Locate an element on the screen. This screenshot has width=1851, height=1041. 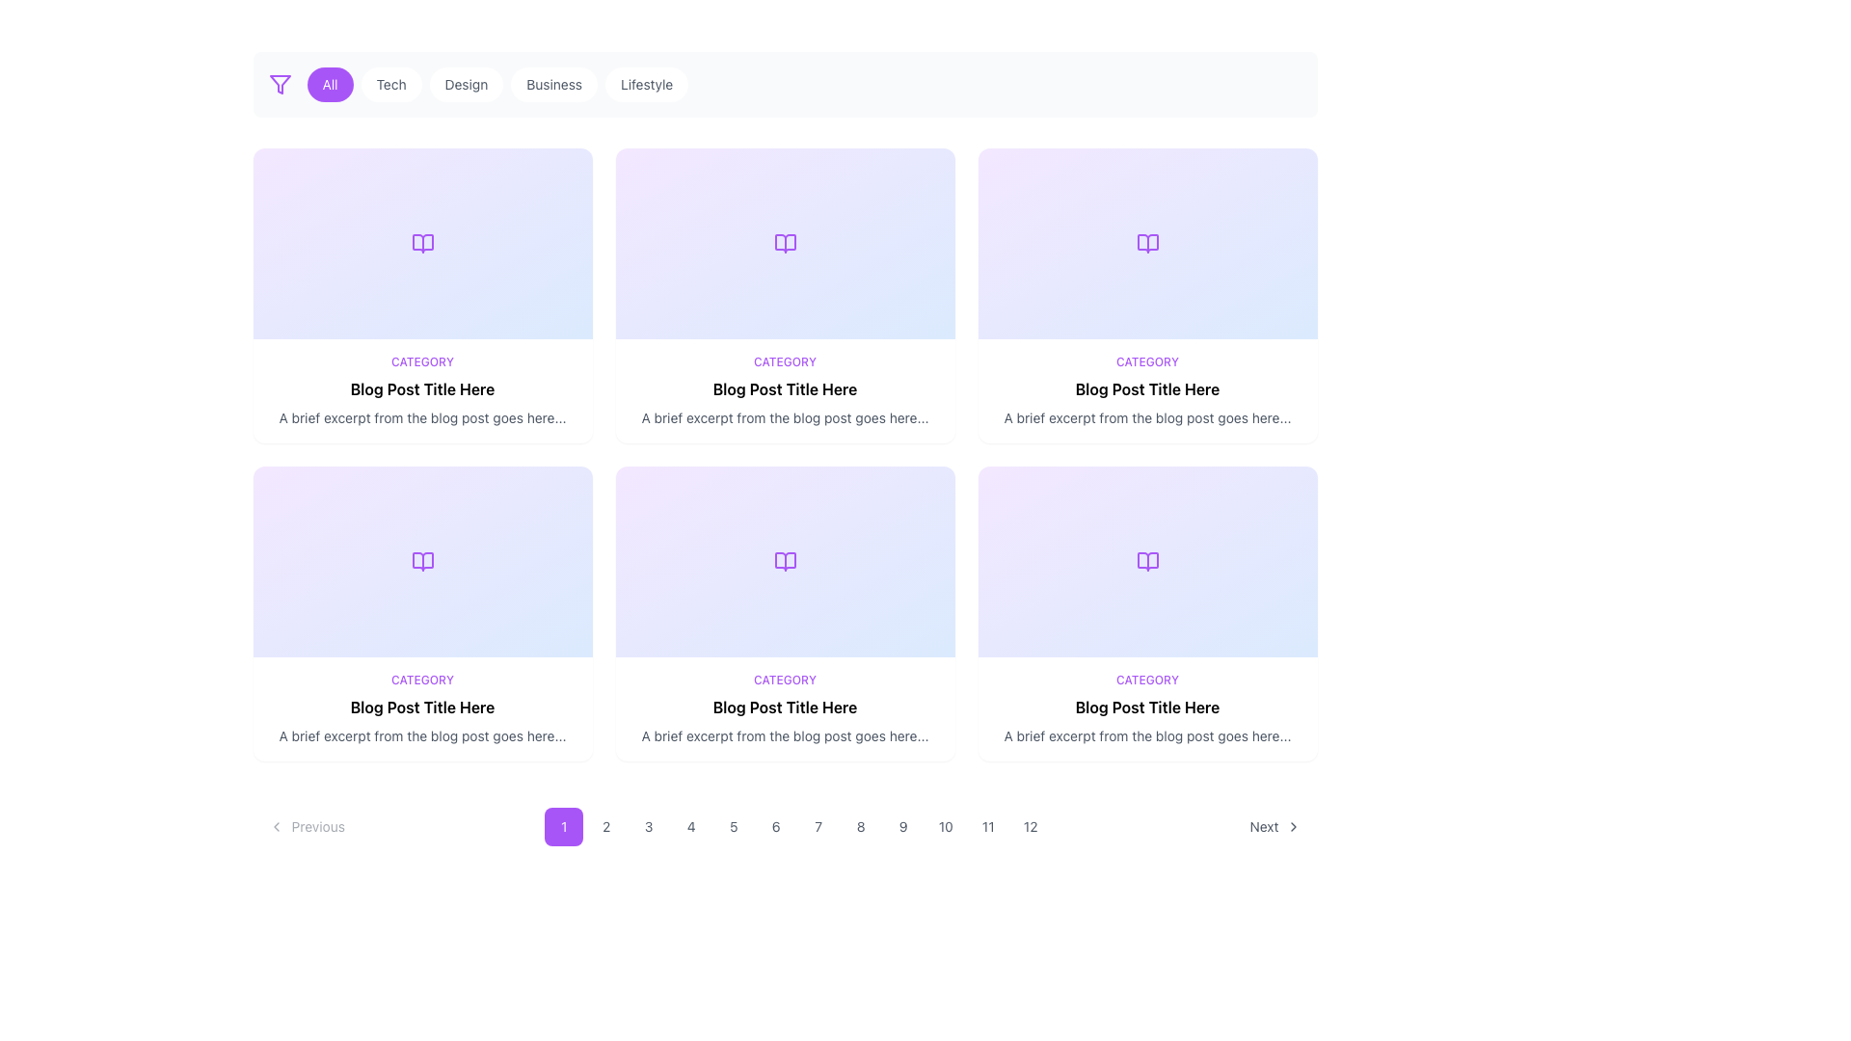
the purple button labeled '1' with rounded corners is located at coordinates (563, 825).